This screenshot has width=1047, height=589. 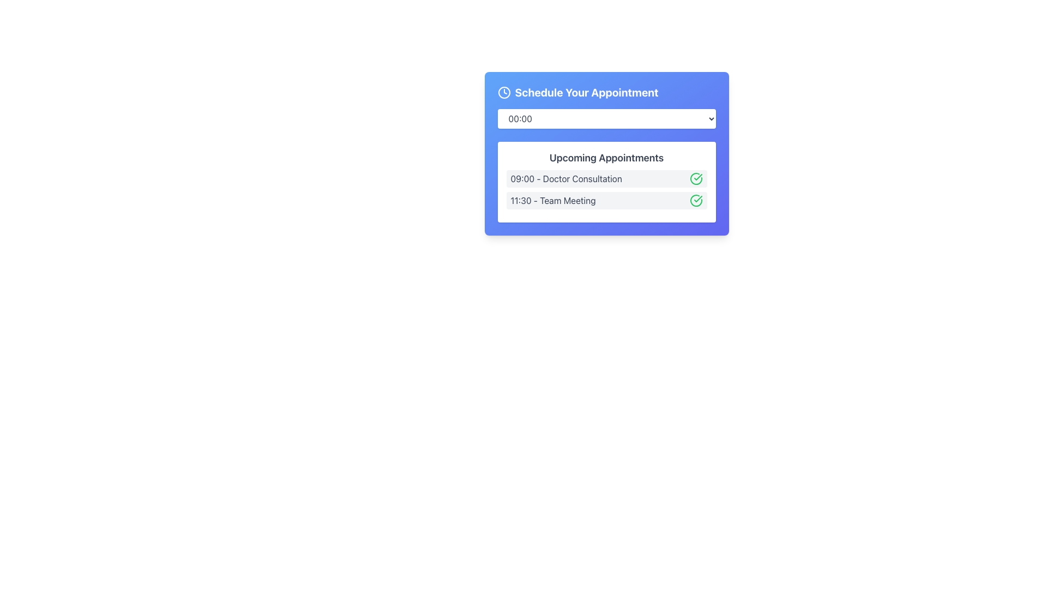 What do you see at coordinates (695, 200) in the screenshot?
I see `the circular icon featuring a green checkmark within a green circle, located on the right side of the list entry for '11:30 - Team Meeting'` at bounding box center [695, 200].